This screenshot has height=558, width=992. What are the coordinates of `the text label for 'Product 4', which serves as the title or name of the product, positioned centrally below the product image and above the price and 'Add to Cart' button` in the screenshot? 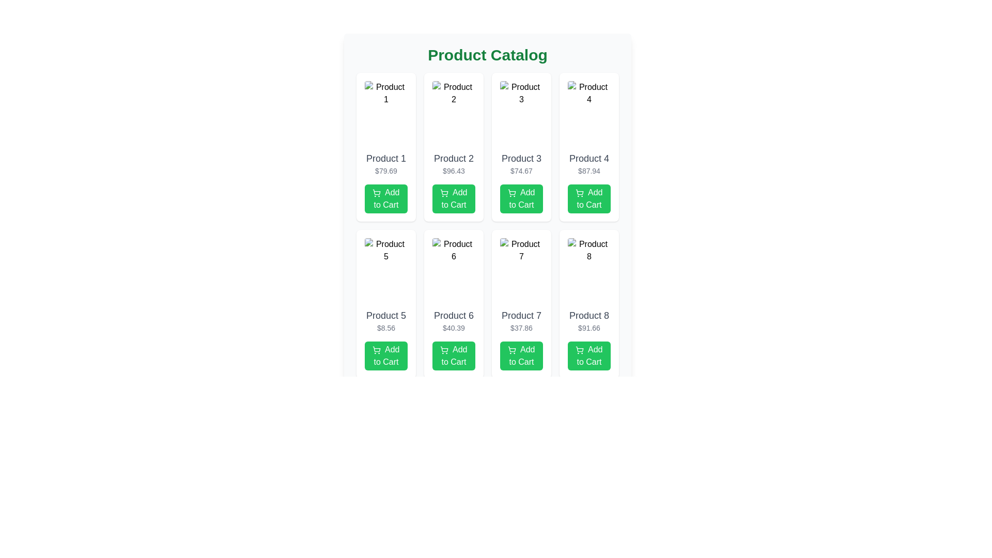 It's located at (589, 159).